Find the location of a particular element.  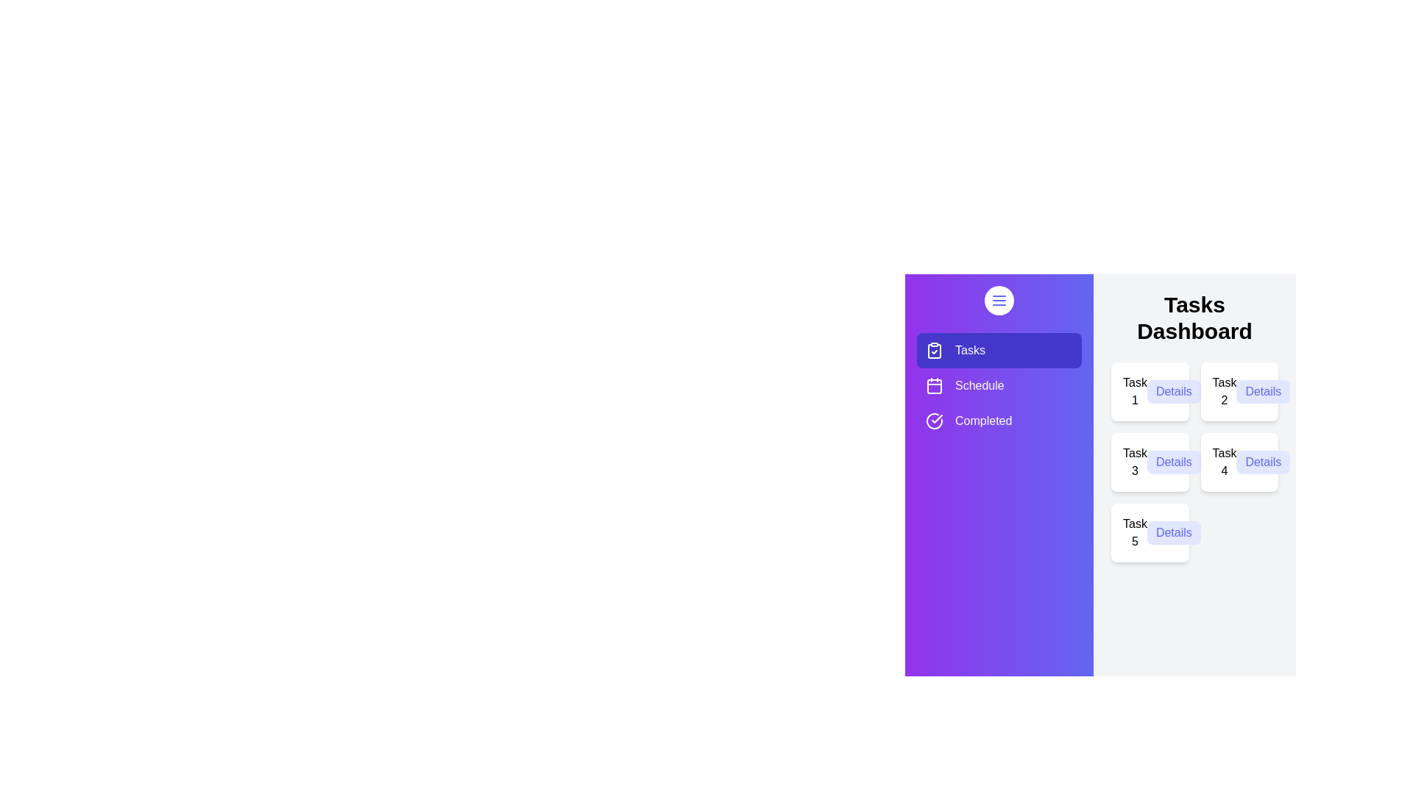

the Completed tab in the sidebar is located at coordinates (999, 421).